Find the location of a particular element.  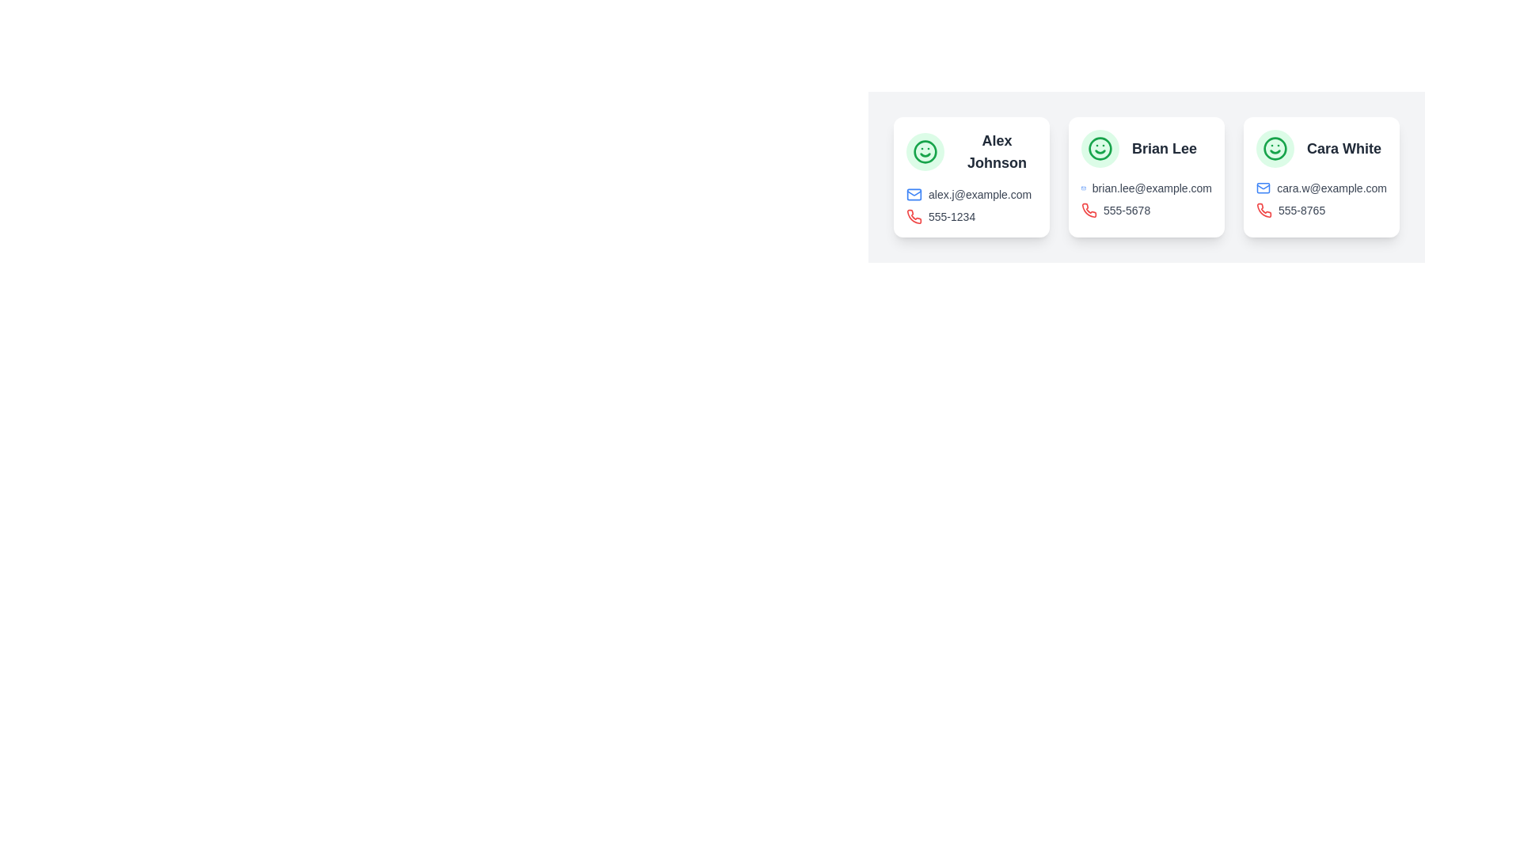

the email icon located to the left of 'brian.lee@example.com' in the middle card of a horizontally aligned card list for visual indication is located at coordinates (1082, 188).